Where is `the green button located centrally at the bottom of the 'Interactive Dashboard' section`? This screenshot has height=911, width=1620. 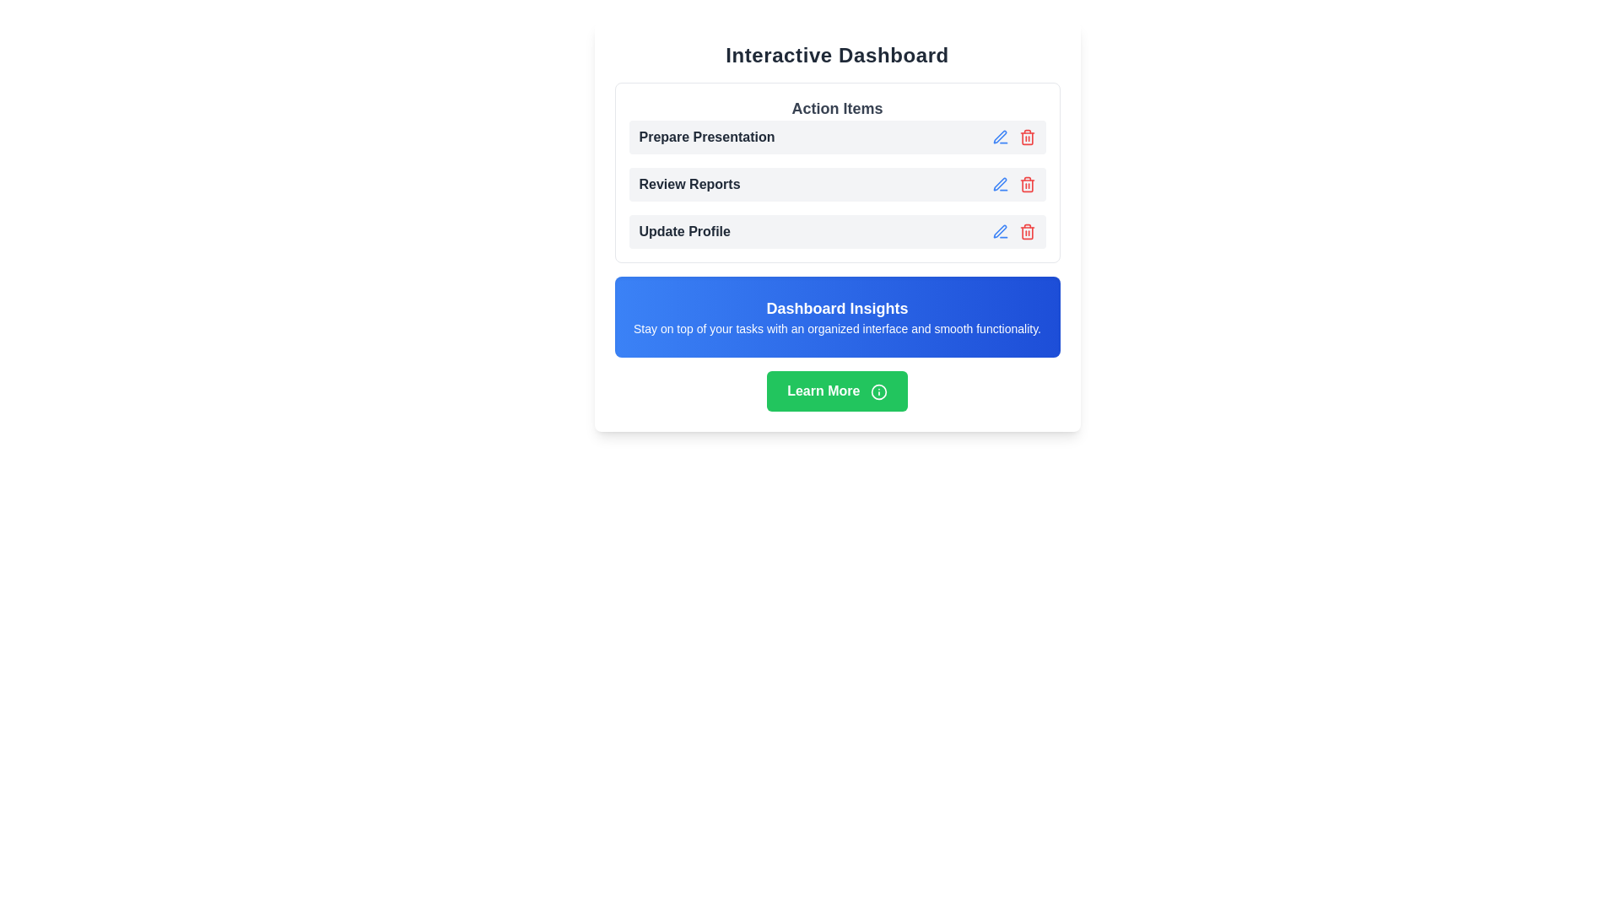
the green button located centrally at the bottom of the 'Interactive Dashboard' section is located at coordinates (837, 391).